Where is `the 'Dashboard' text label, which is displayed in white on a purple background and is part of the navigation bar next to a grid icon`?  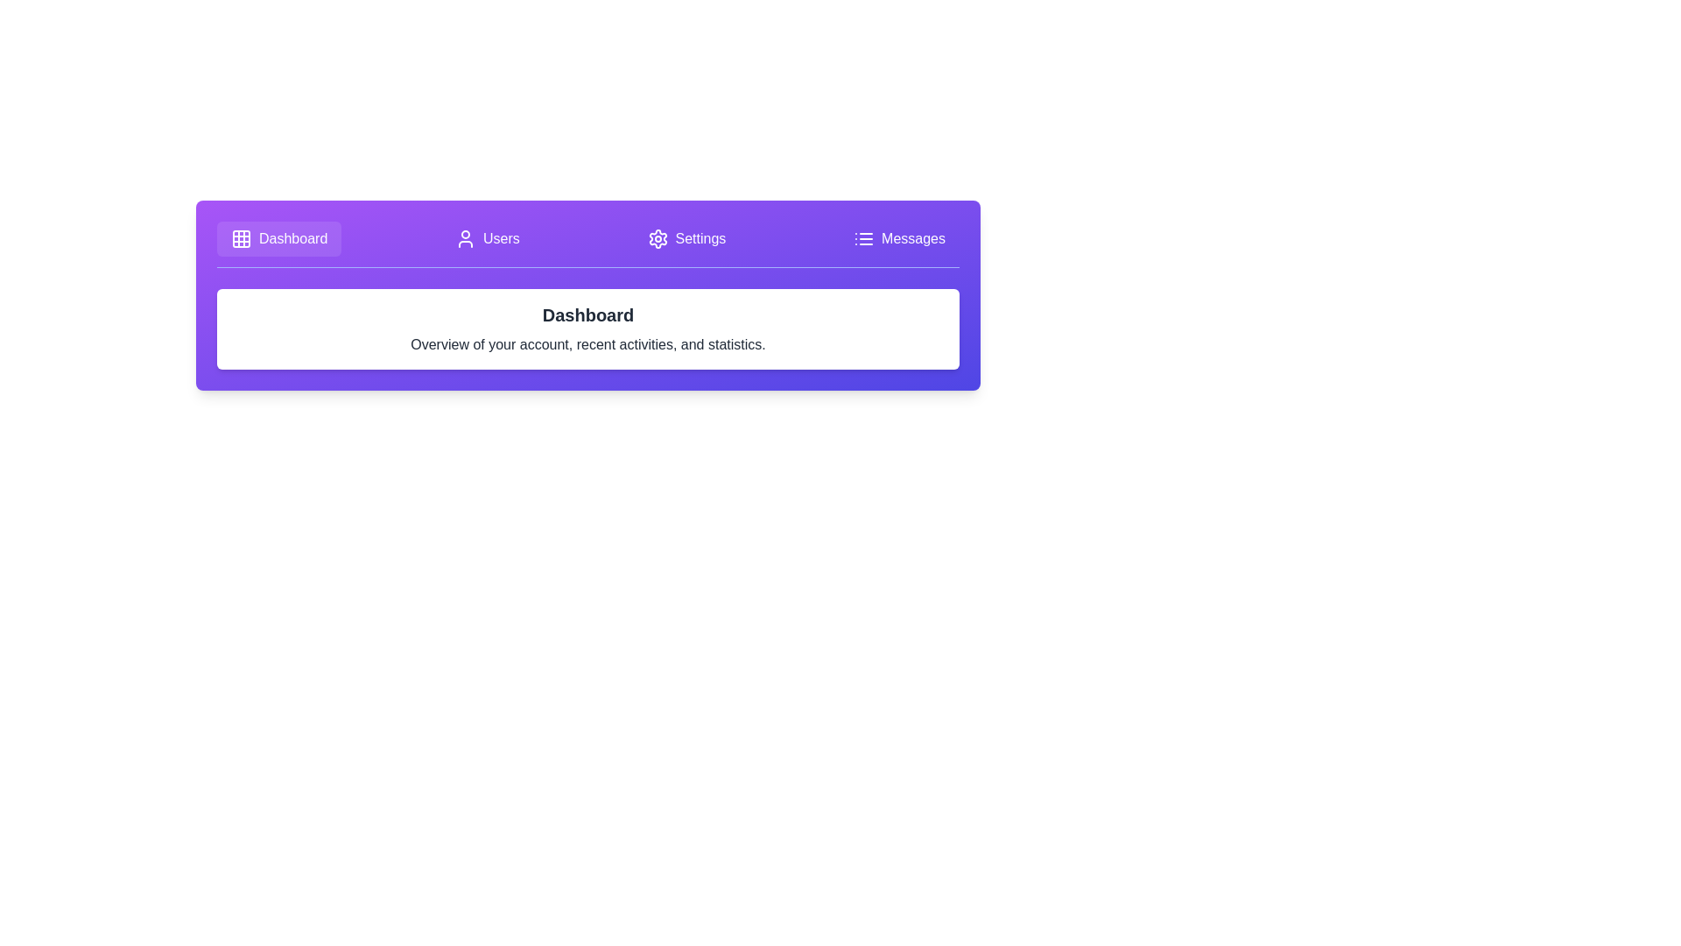 the 'Dashboard' text label, which is displayed in white on a purple background and is part of the navigation bar next to a grid icon is located at coordinates (293, 239).